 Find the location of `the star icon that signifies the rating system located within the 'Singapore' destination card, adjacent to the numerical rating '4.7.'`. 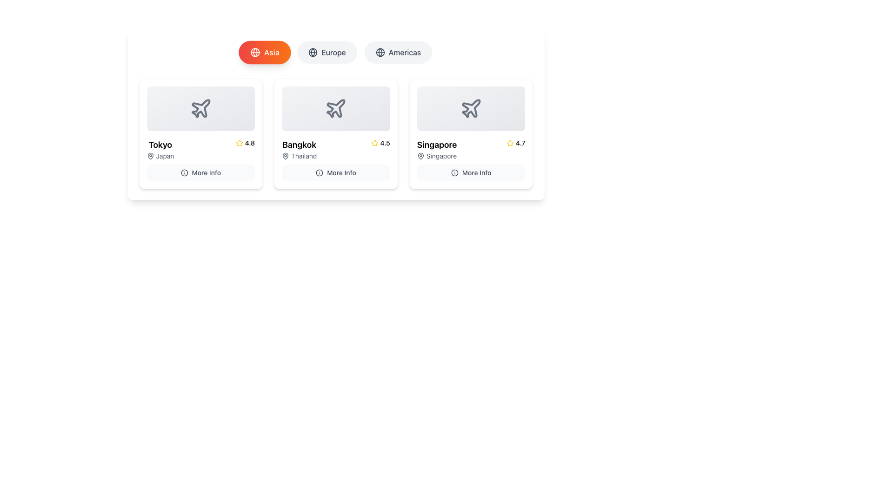

the star icon that signifies the rating system located within the 'Singapore' destination card, adjacent to the numerical rating '4.7.' is located at coordinates (510, 143).